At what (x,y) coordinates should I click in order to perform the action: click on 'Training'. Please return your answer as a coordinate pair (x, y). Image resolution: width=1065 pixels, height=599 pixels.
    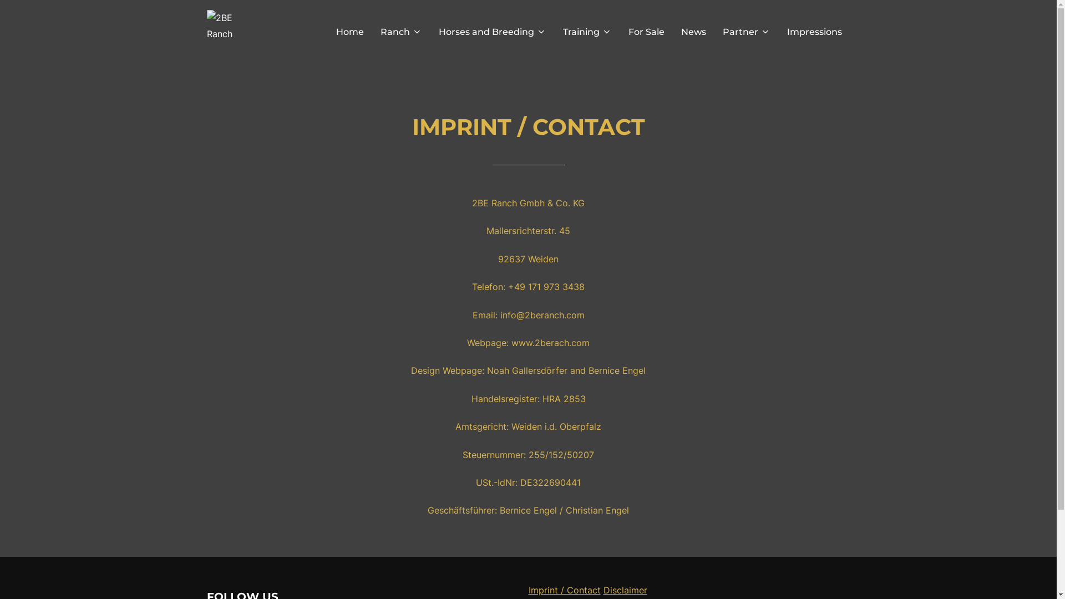
    Looking at the image, I should click on (586, 31).